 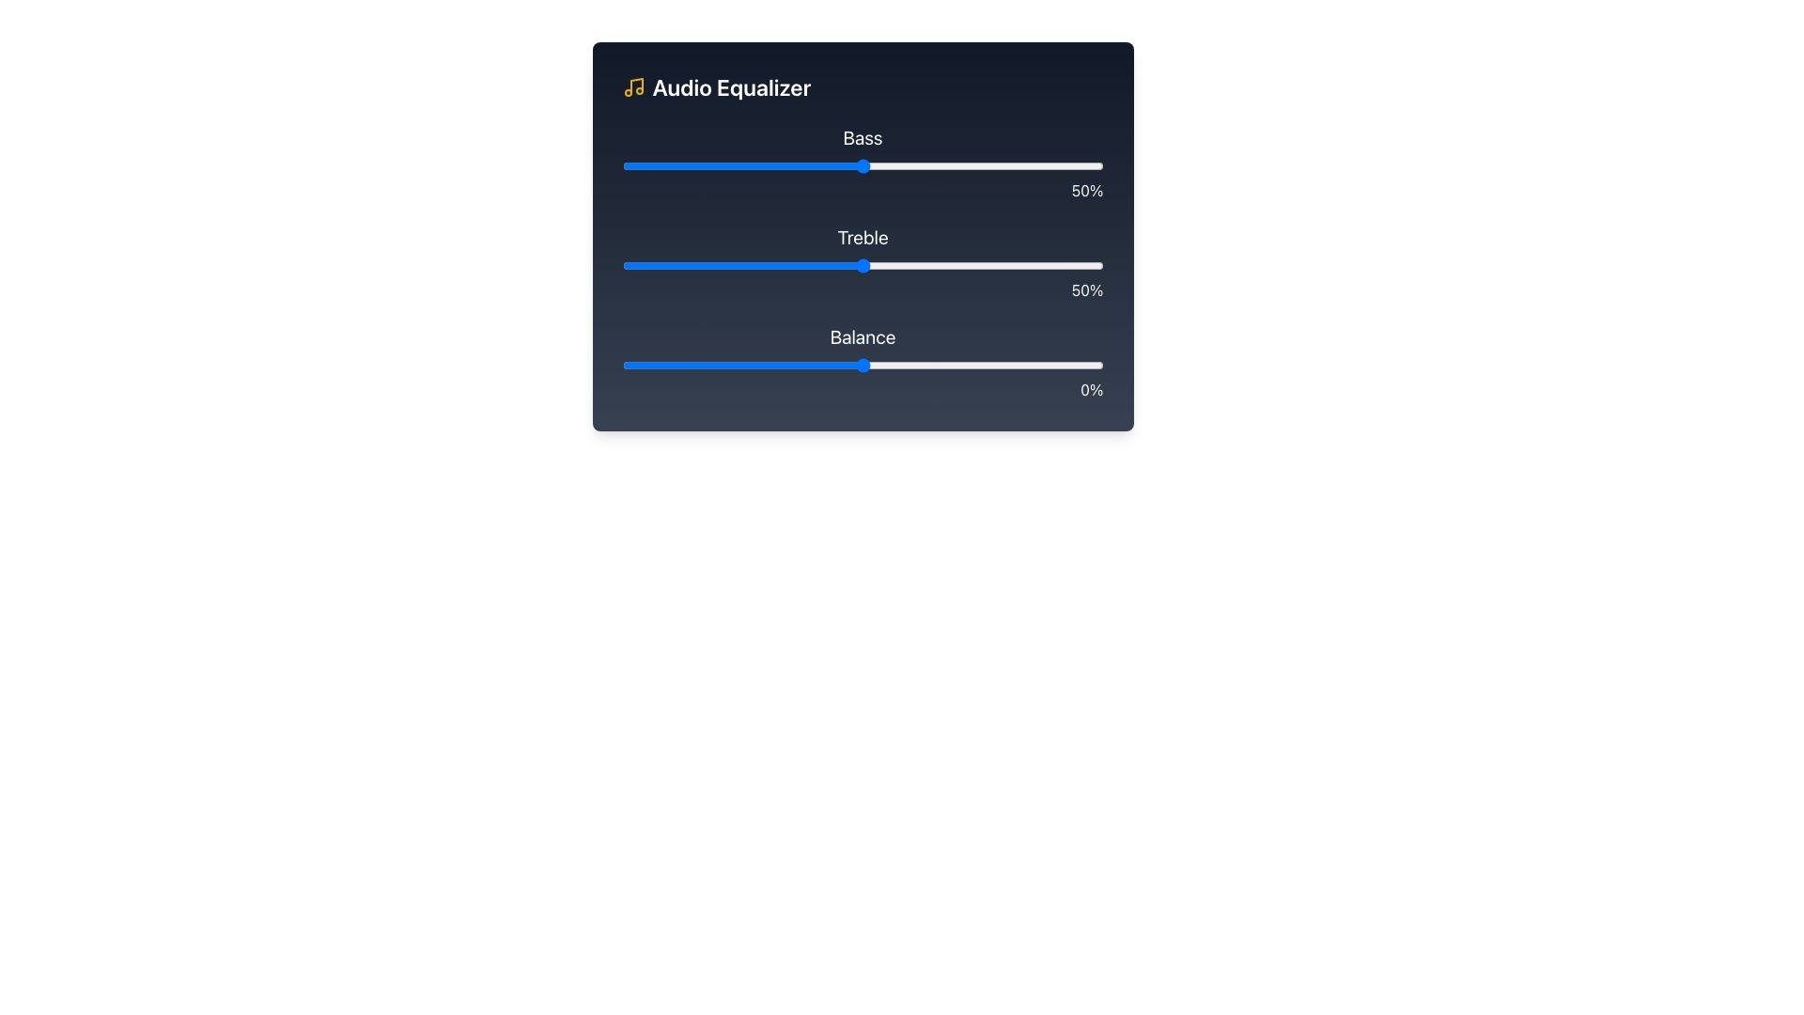 What do you see at coordinates (944, 366) in the screenshot?
I see `balance` at bounding box center [944, 366].